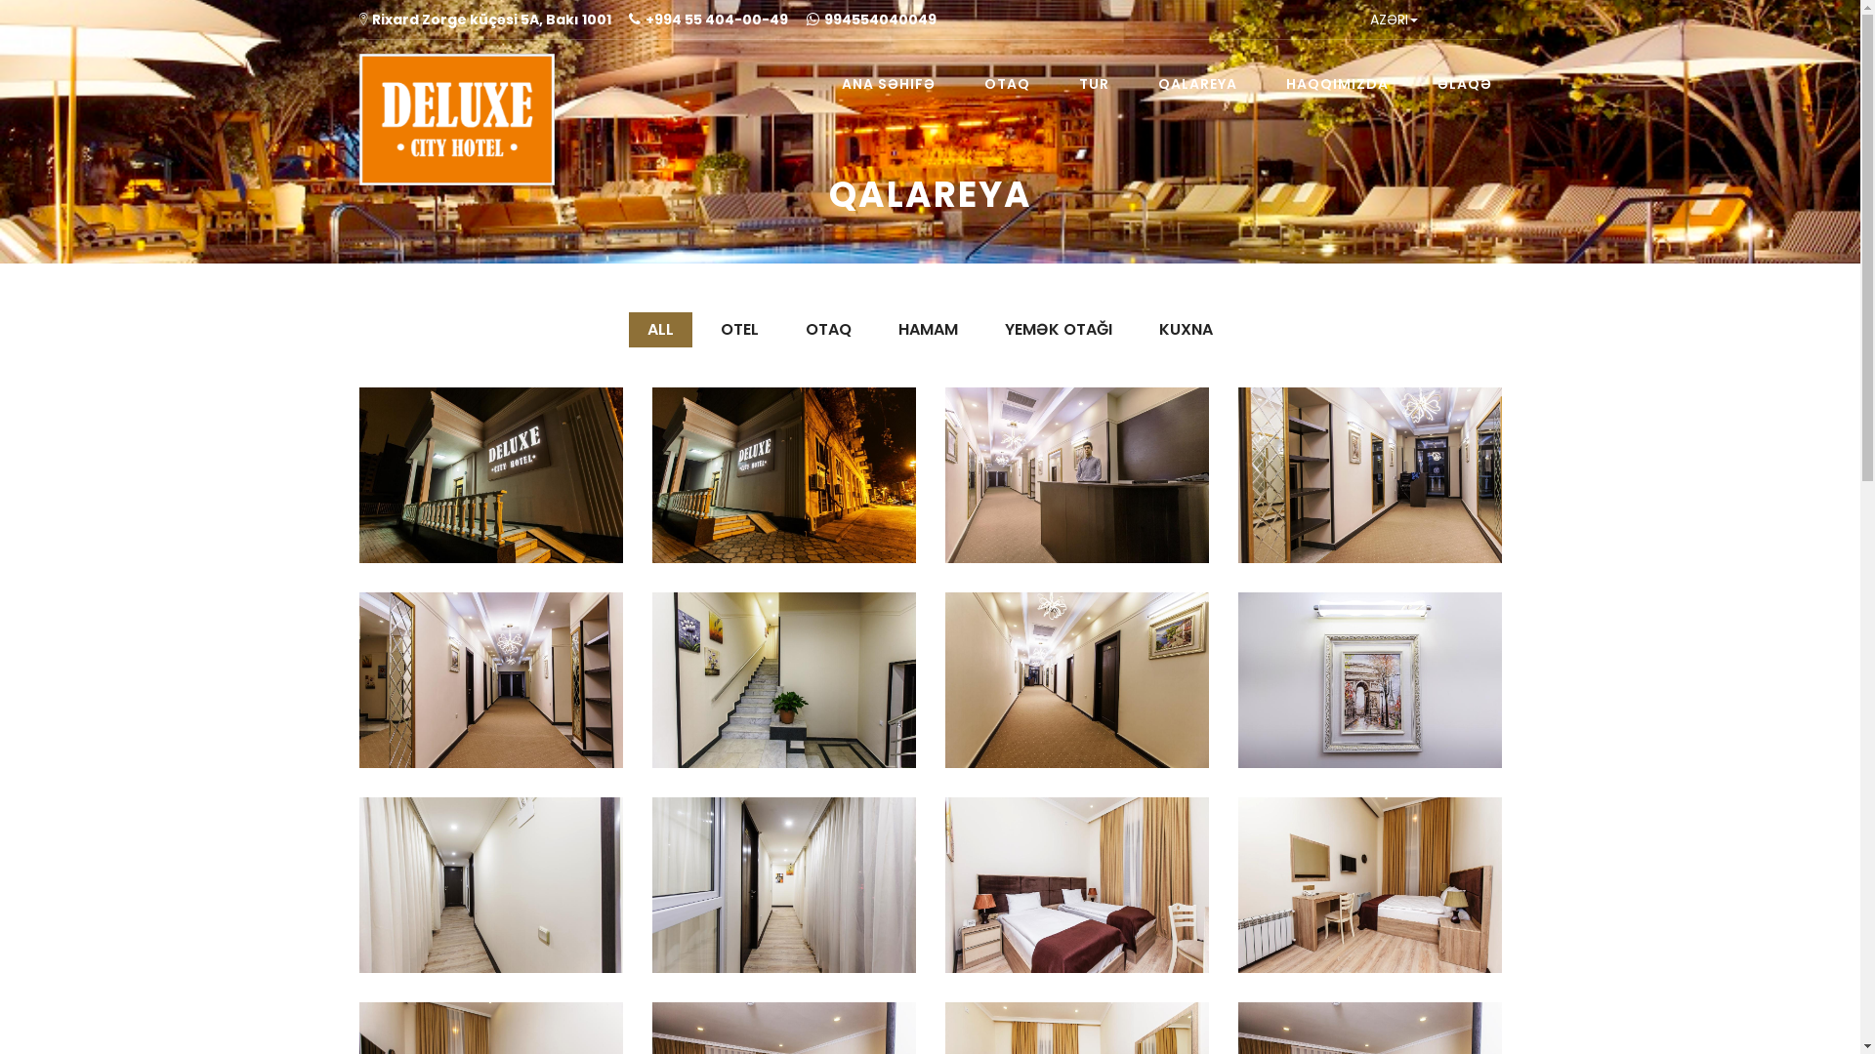 This screenshot has width=1875, height=1054. I want to click on 'HAMAM', so click(927, 329).